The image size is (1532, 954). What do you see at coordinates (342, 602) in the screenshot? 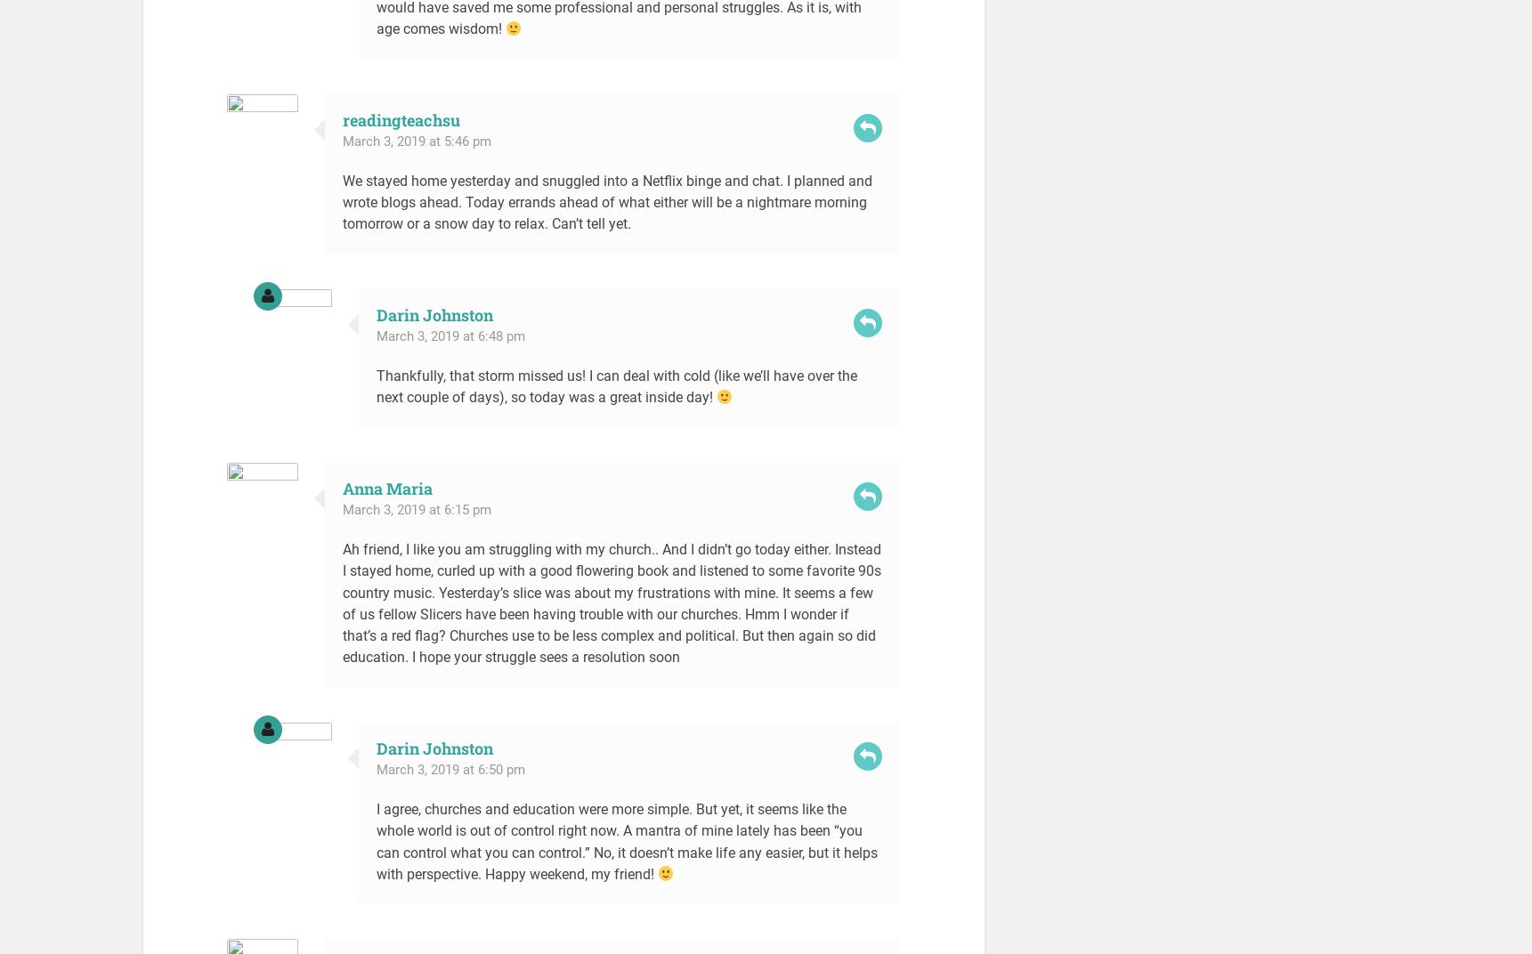
I see `'Ah friend, I like you am struggling with my church.. And I didn’t go today either. Instead I stayed home, curled up with a good flowering book and listened to some favorite 90s country music.  Yesterday’s slice was about my frustrations with mine. It seems a few of us fellow Slicers have been having trouble with our churches. Hmm I wonder if that’s a red flag? Churches use to be less complex and political. But then again so did education. I hope your struggle sees a resolution soon'` at bounding box center [342, 602].